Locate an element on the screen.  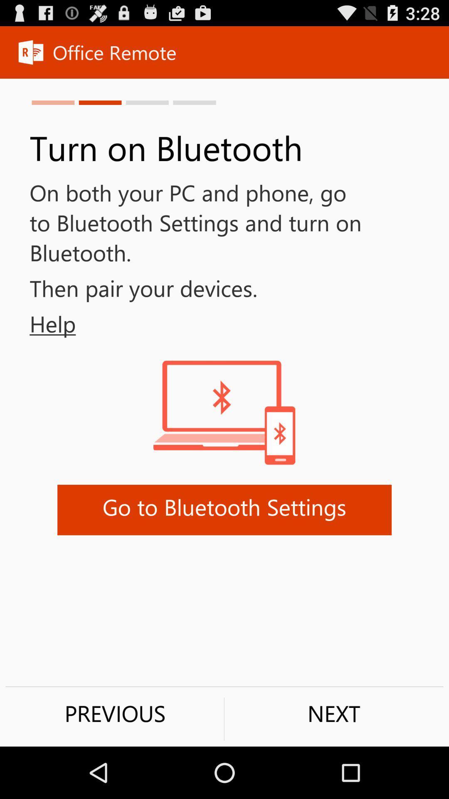
the next button is located at coordinates (333, 713).